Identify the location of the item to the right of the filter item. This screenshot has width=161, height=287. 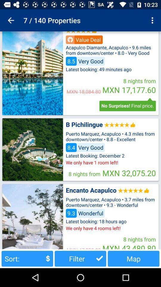
(134, 258).